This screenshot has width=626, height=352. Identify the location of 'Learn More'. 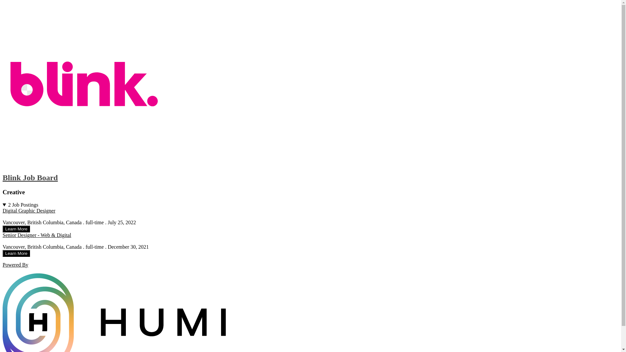
(3, 228).